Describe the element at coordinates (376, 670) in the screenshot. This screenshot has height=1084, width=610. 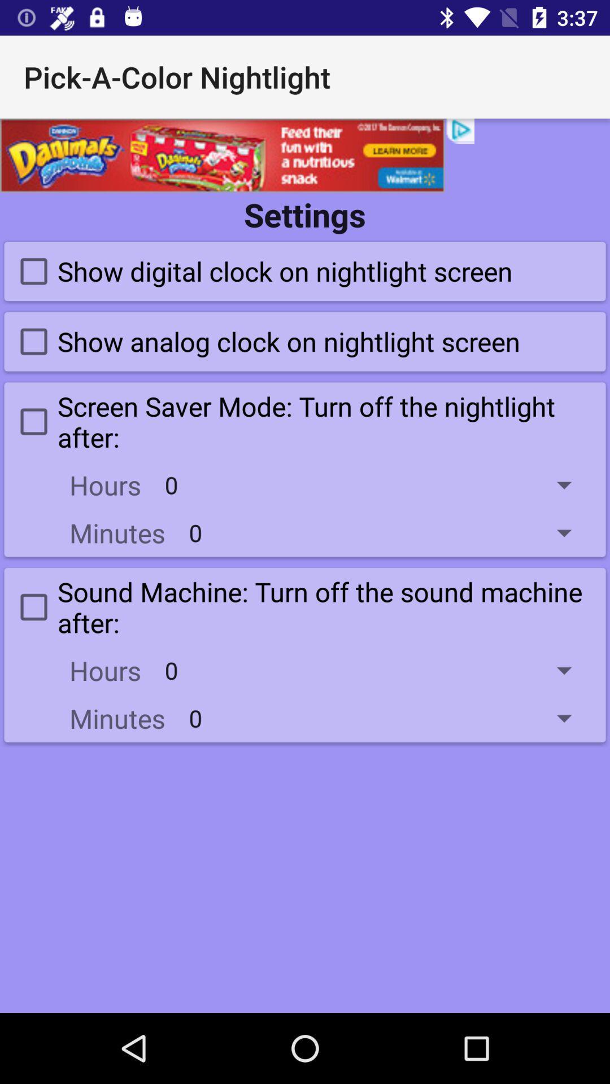
I see `th icon beside hours text` at that location.